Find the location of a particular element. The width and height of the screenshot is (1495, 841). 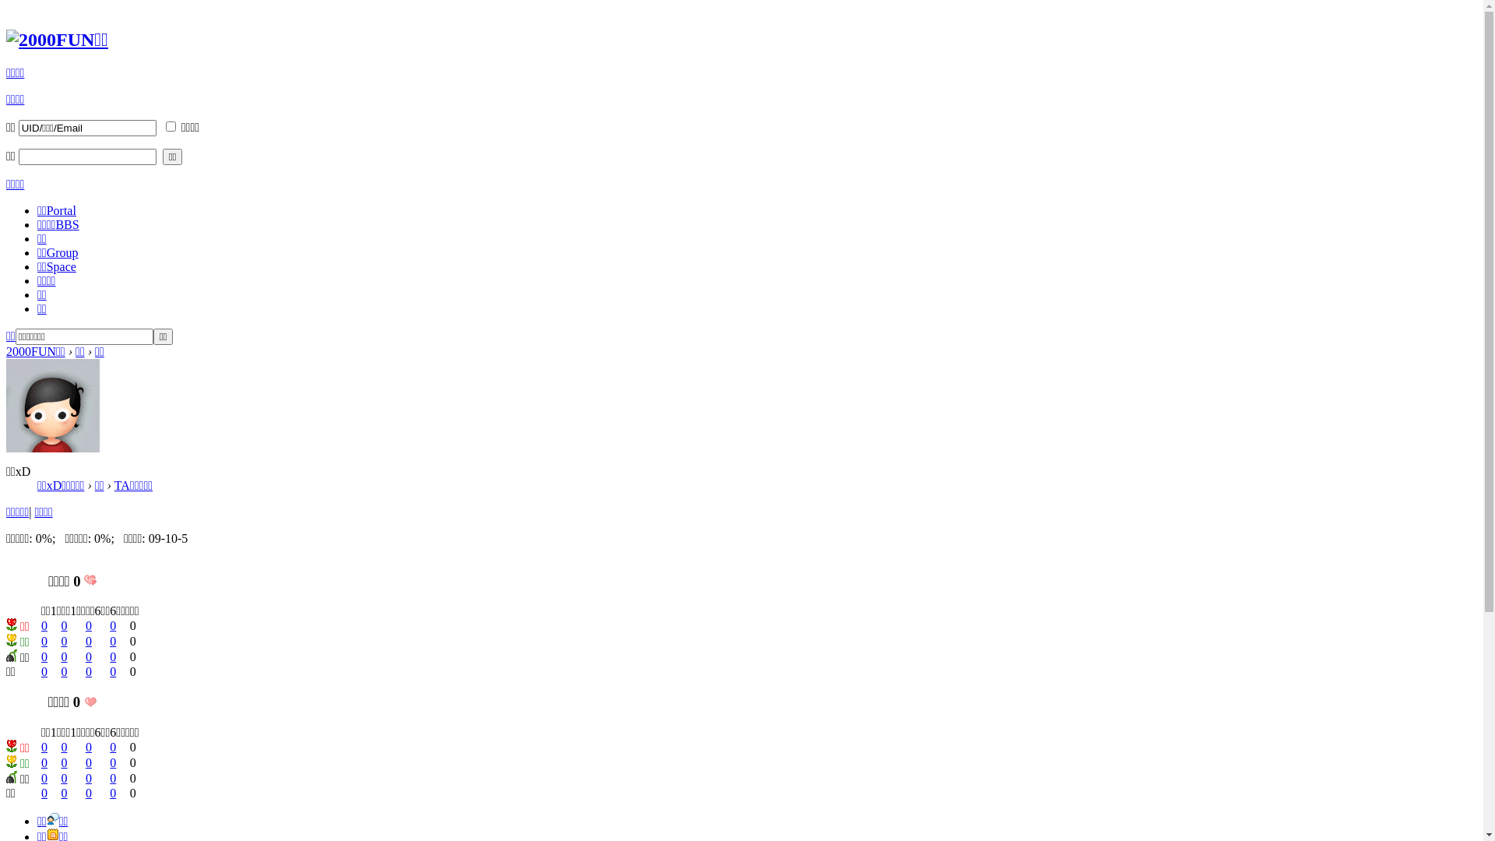

'0' is located at coordinates (63, 762).